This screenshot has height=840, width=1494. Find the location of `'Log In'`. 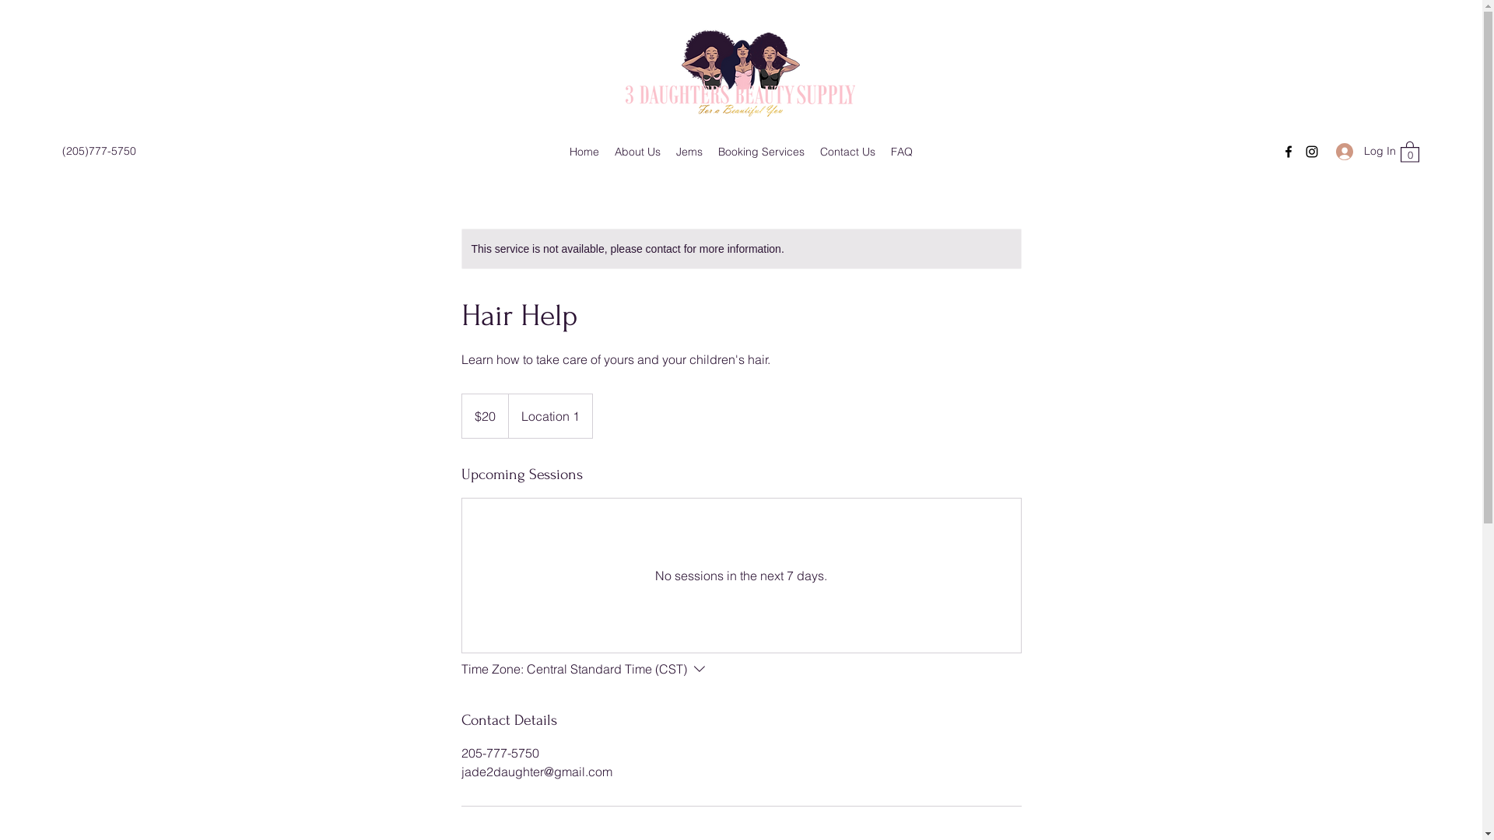

'Log In' is located at coordinates (1324, 151).